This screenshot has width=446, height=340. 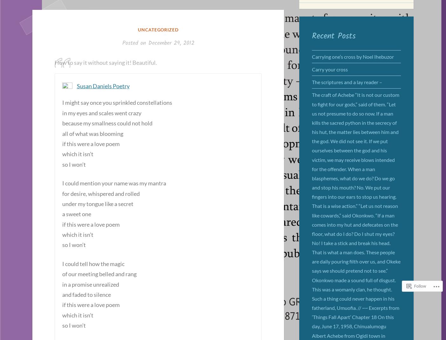 I want to click on 'I might say once you sprinkled constellations', so click(x=117, y=102).